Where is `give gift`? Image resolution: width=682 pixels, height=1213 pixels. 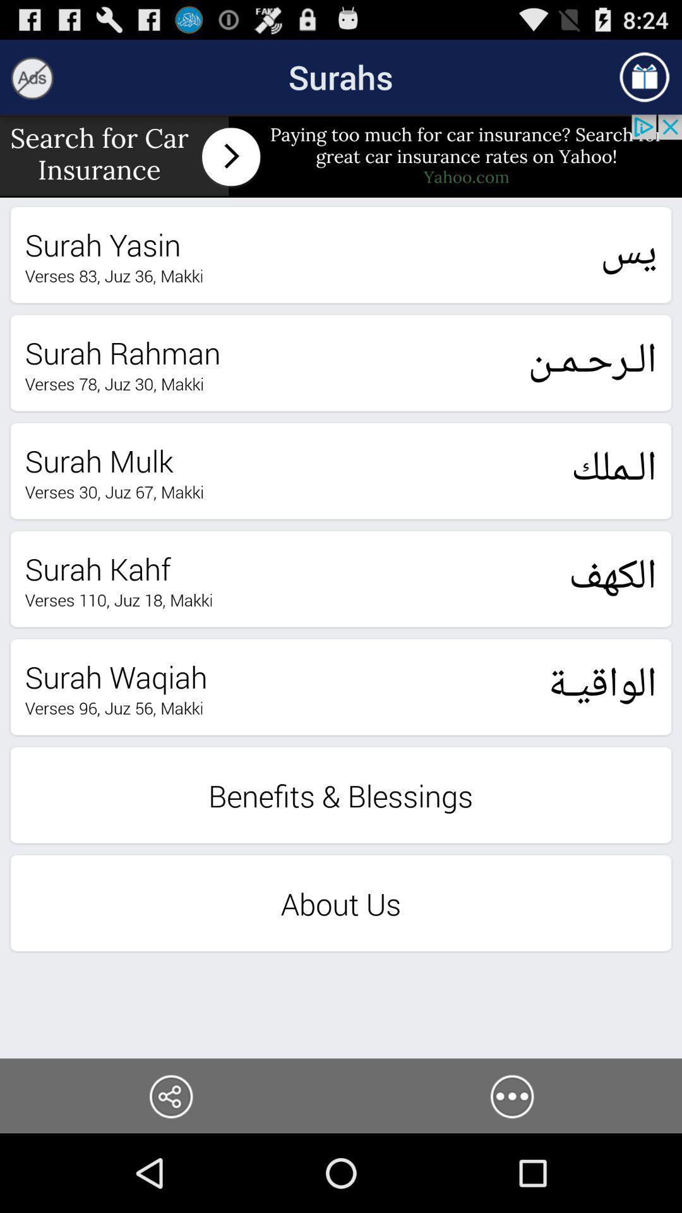 give gift is located at coordinates (644, 76).